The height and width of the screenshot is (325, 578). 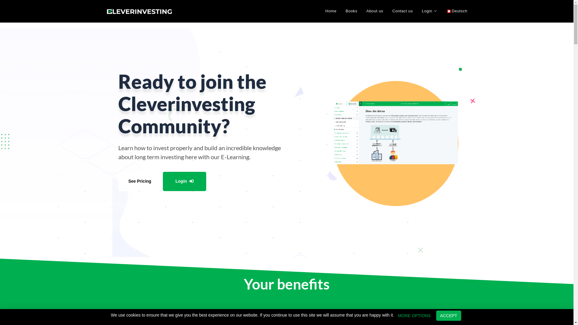 I want to click on 'Home', so click(x=320, y=11).